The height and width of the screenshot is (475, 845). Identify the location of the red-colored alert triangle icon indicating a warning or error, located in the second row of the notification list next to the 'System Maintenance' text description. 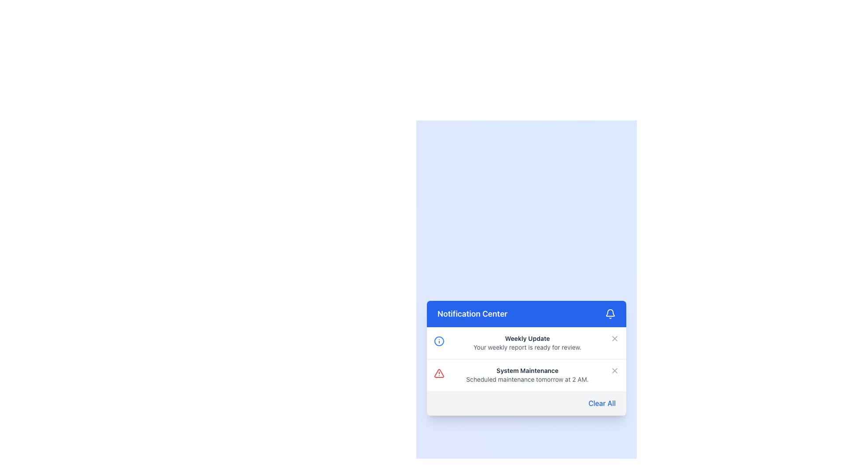
(439, 373).